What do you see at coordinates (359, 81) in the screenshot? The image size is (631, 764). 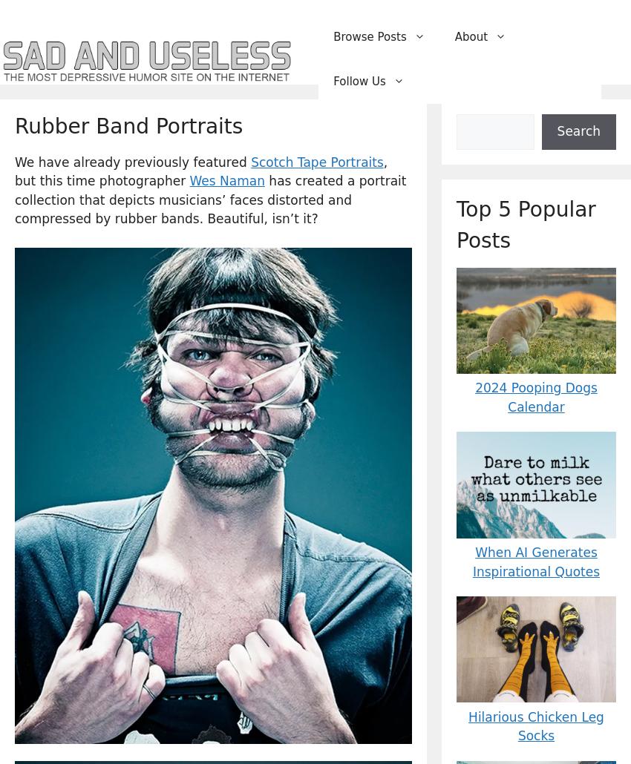 I see `'Follow Us'` at bounding box center [359, 81].